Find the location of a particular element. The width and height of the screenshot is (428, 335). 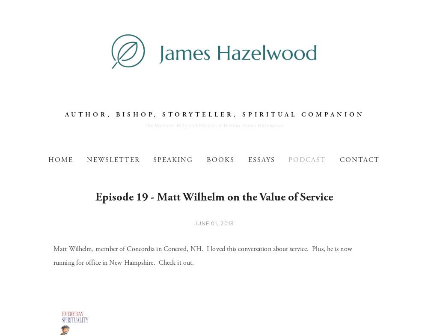

'Matt Wilhelm, member of Concordia in Concord, NH.  I loved this conversation about service.  Plus, he is now running for office in New Hampshire.  Check it out.' is located at coordinates (53, 255).